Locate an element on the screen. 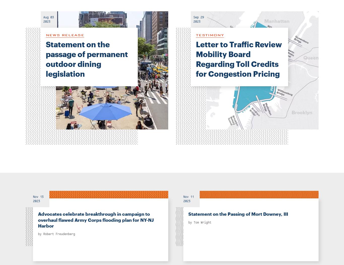 This screenshot has height=265, width=344. 'Statement on the Passing of Mort Downey, III' is located at coordinates (238, 214).